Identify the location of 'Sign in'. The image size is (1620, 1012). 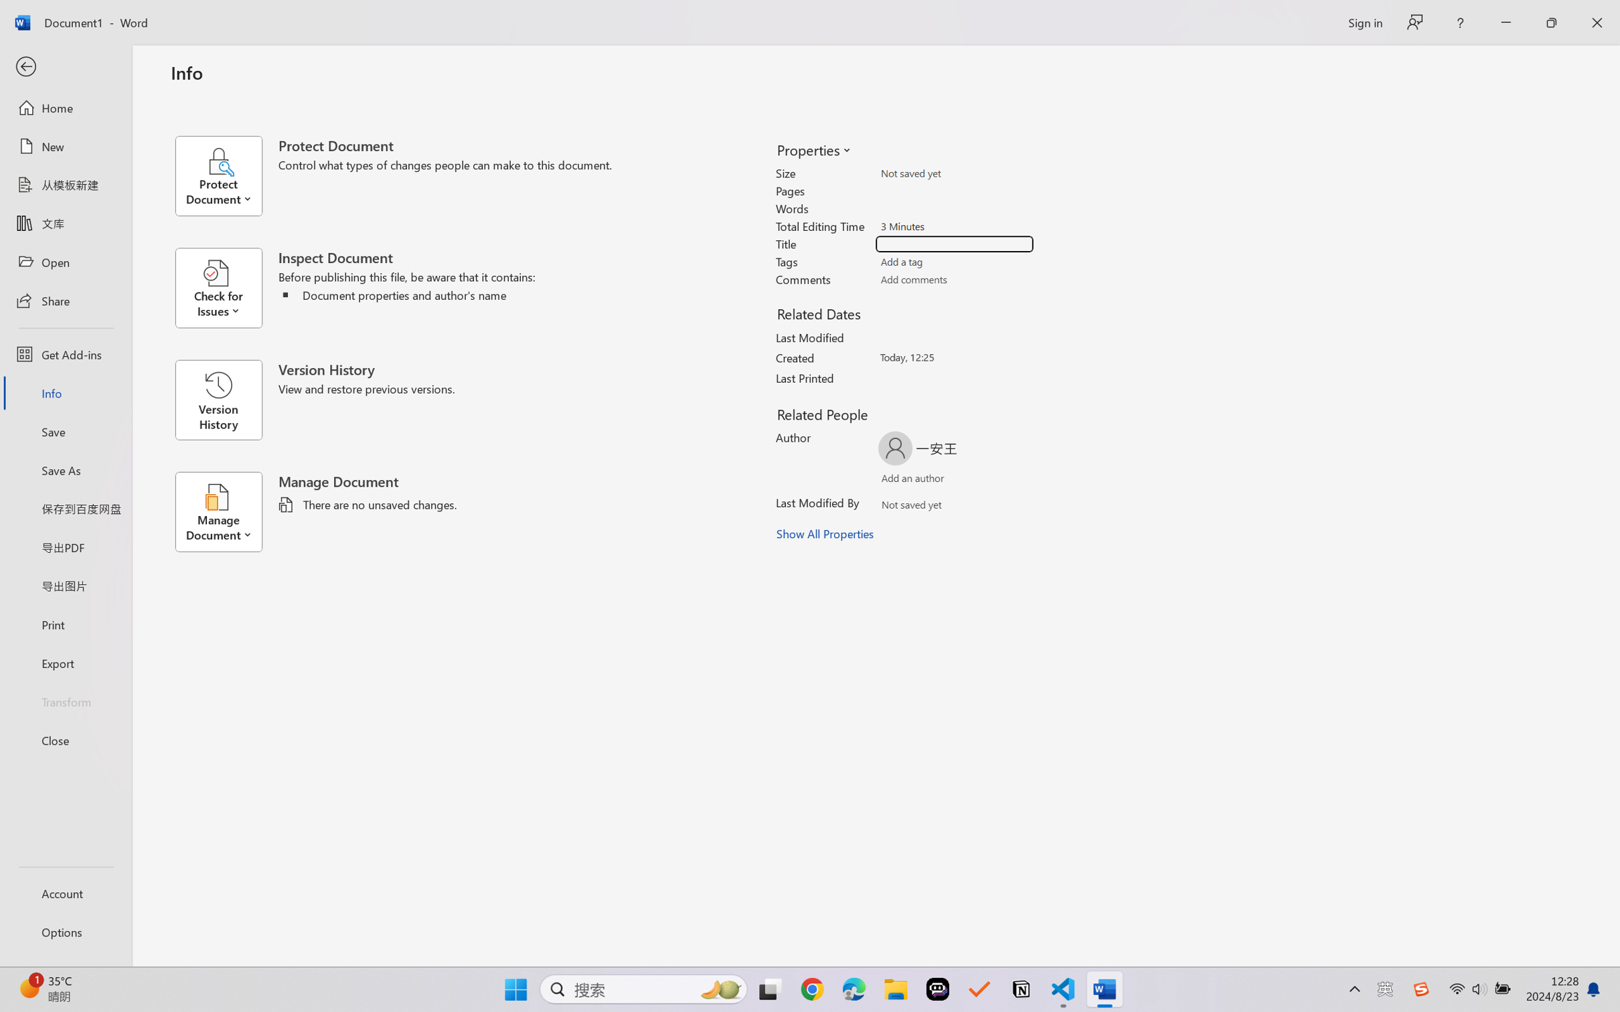
(1364, 22).